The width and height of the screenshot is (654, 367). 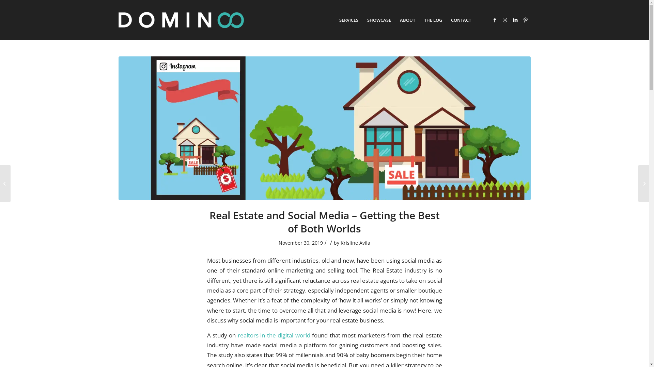 What do you see at coordinates (505, 19) in the screenshot?
I see `'Instagram'` at bounding box center [505, 19].